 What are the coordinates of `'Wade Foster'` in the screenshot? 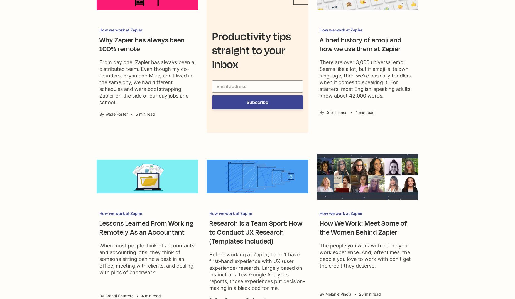 It's located at (105, 114).